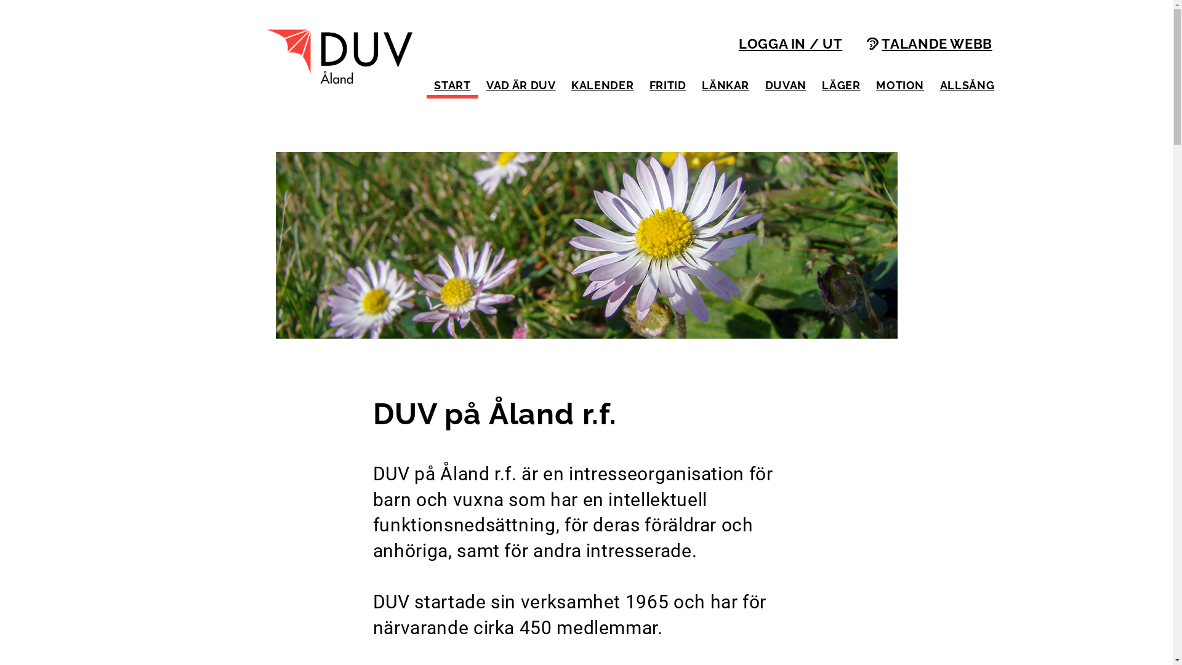  I want to click on 'KALENDER', so click(602, 84).